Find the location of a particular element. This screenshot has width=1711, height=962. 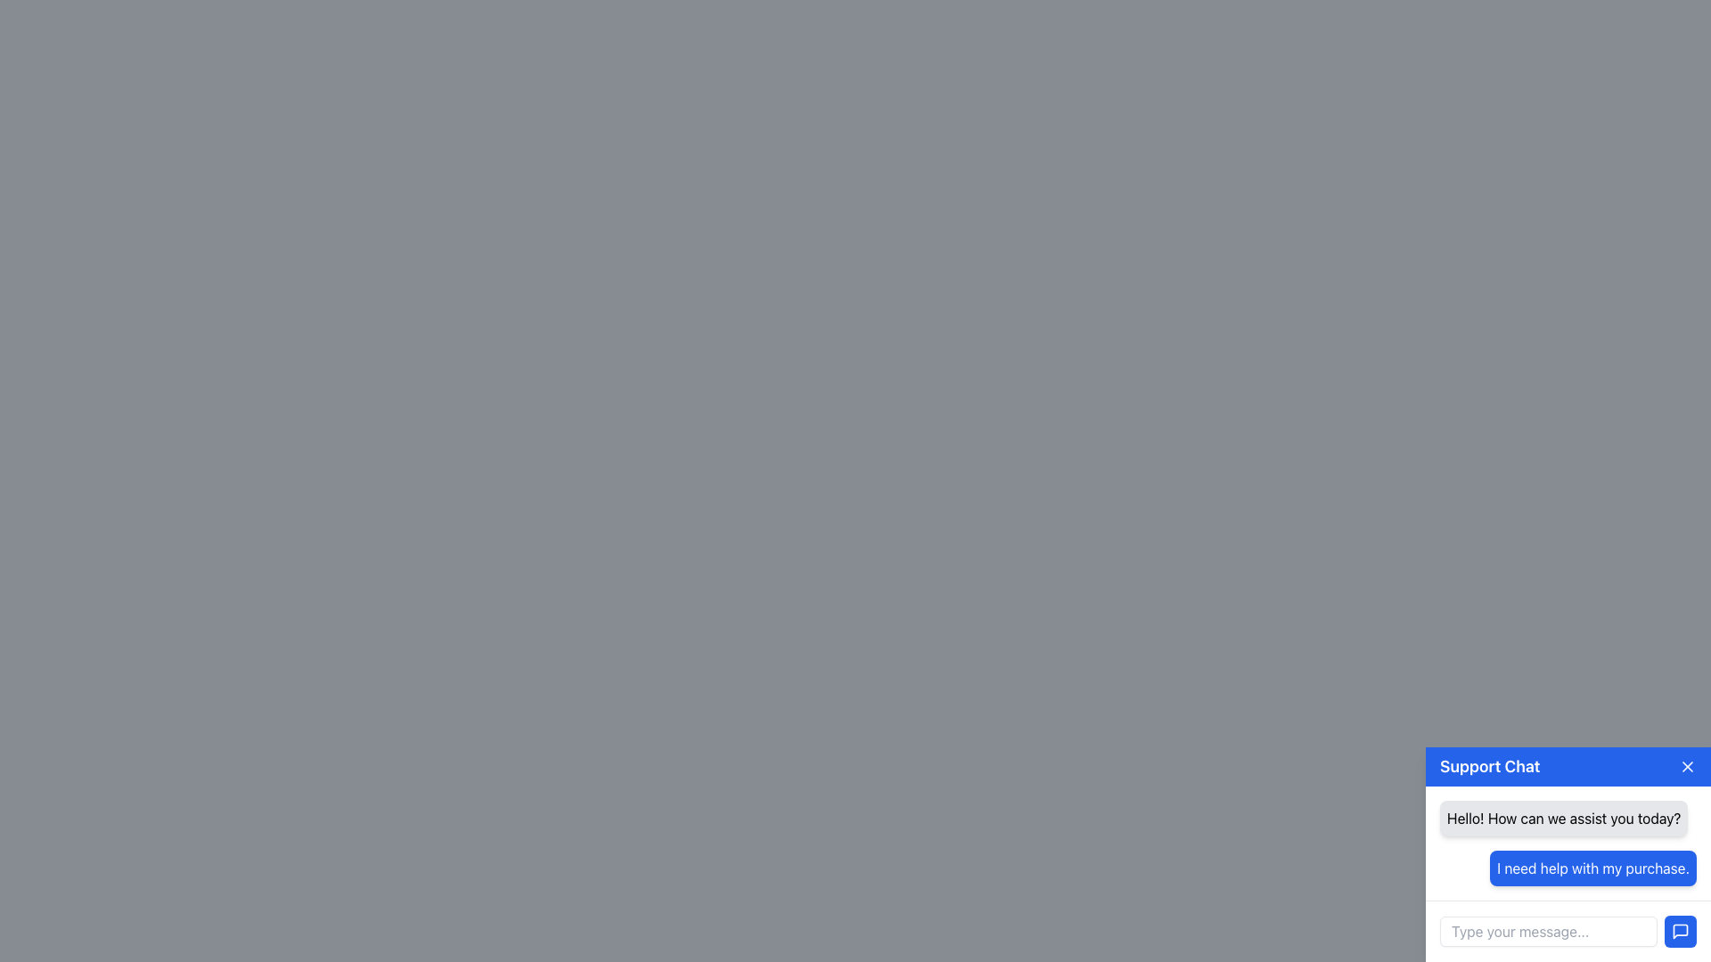

the text label indicating the support chat interface at the top-left corner of the chat window's header section is located at coordinates (1490, 765).